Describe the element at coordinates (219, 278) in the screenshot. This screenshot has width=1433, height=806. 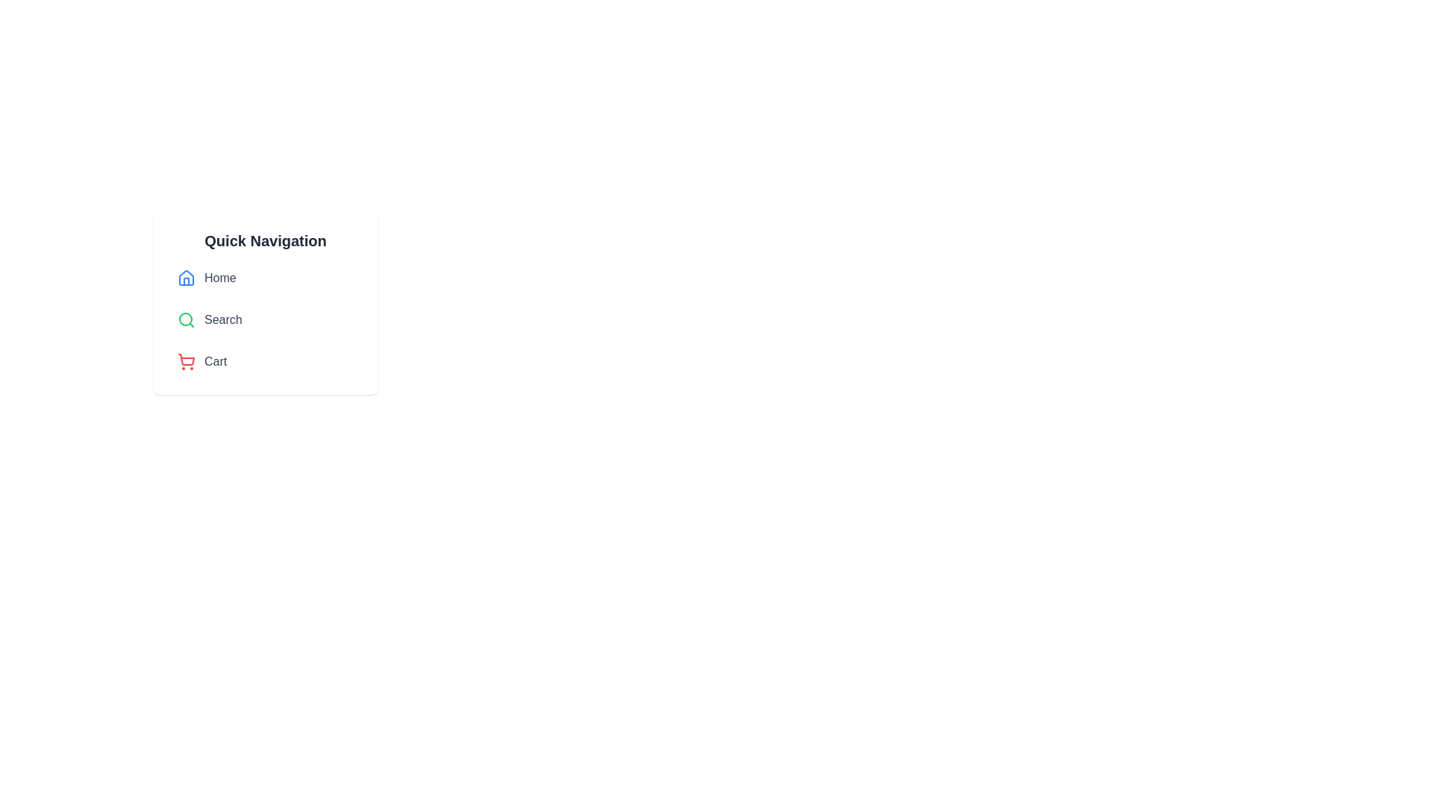
I see `the 'Home' hyperlink in the navigation menu to trigger the visual change of color and underline effect` at that location.